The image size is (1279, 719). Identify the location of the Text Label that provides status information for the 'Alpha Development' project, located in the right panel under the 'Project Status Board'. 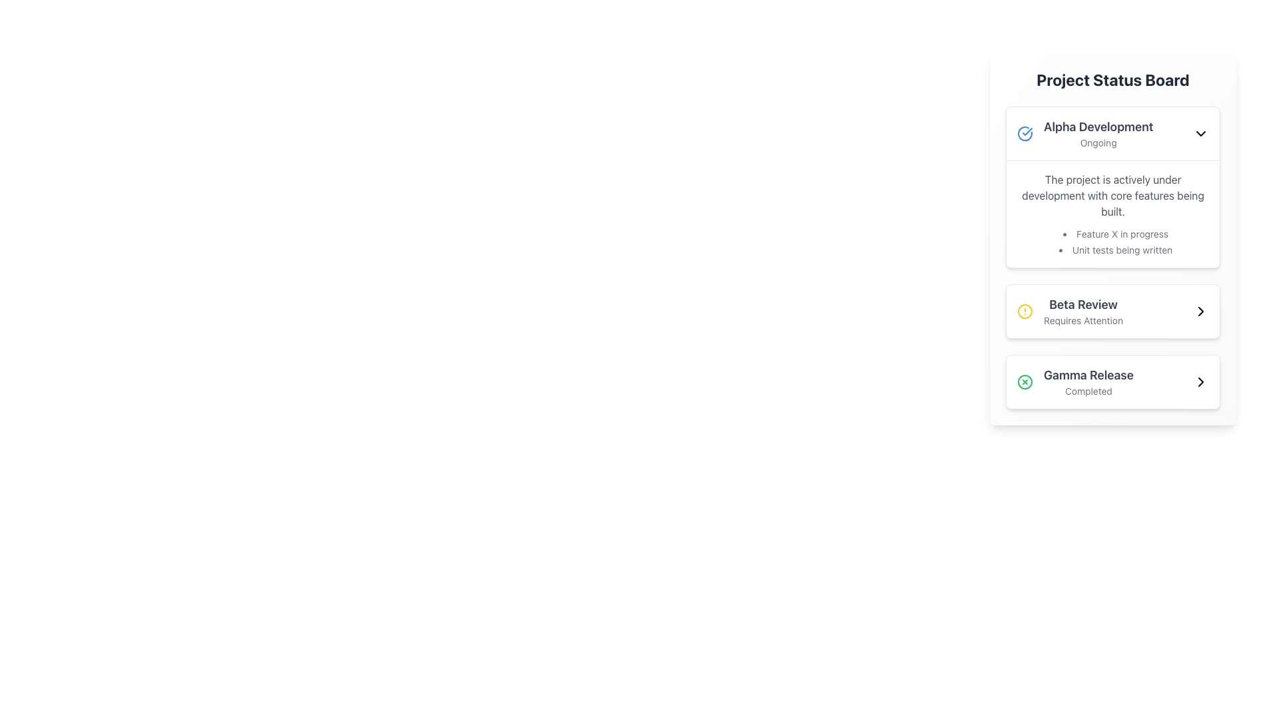
(1098, 143).